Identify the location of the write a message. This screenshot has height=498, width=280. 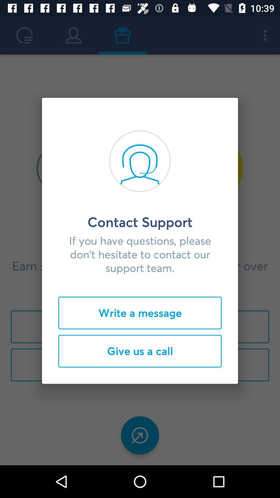
(140, 313).